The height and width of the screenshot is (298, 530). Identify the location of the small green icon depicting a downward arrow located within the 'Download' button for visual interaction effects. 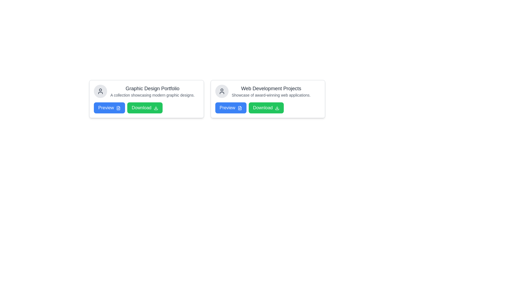
(277, 108).